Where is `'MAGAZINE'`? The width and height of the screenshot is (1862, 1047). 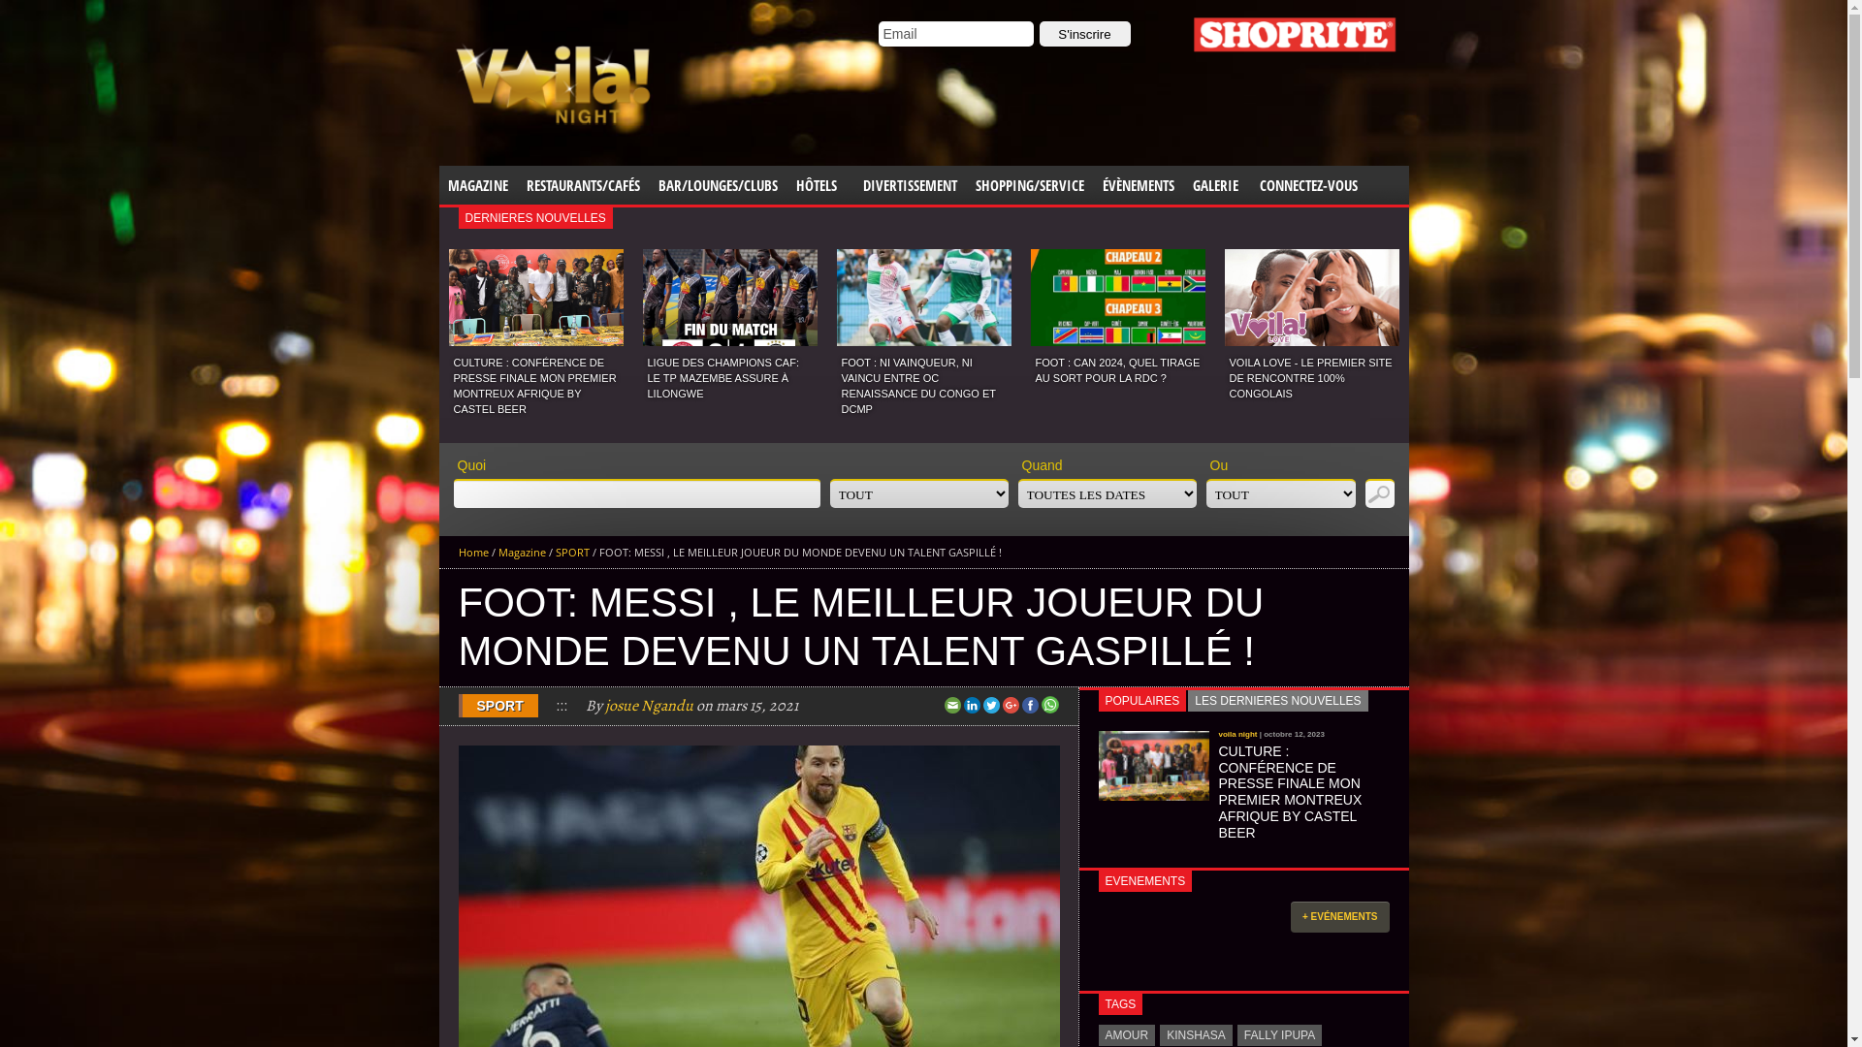 'MAGAZINE' is located at coordinates (476, 184).